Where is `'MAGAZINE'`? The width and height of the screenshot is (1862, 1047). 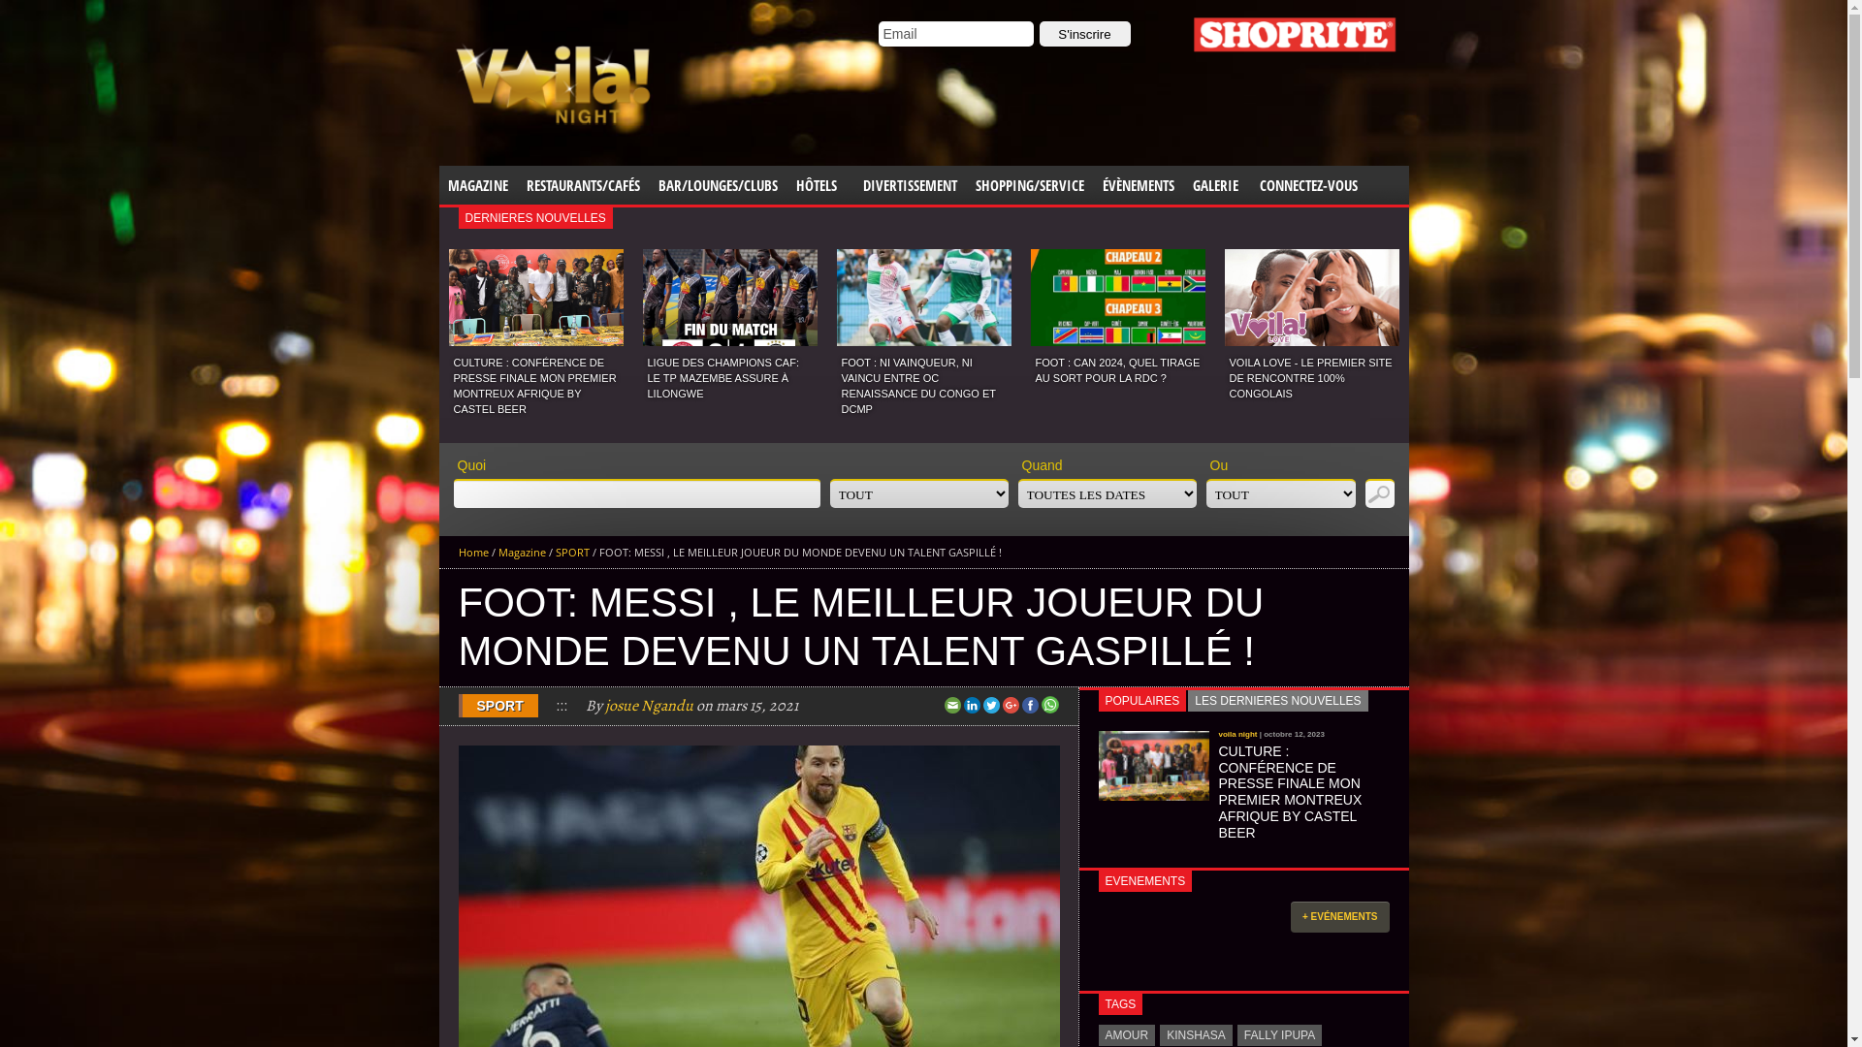 'MAGAZINE' is located at coordinates (476, 184).